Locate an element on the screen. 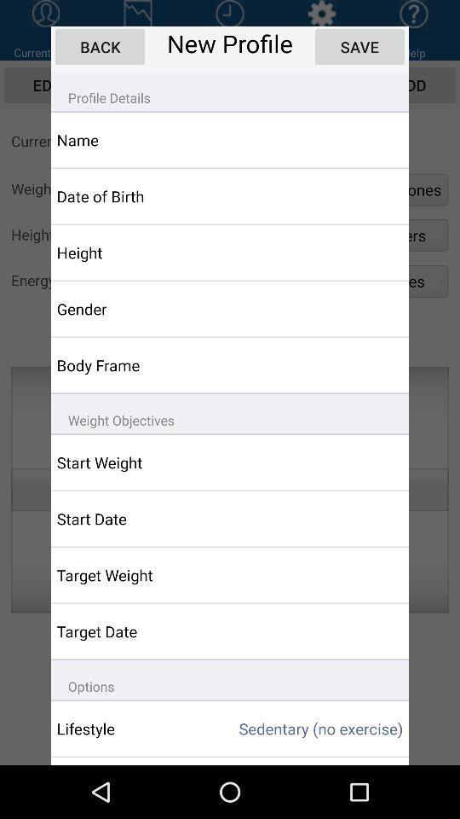  the target weight is located at coordinates (132, 575).